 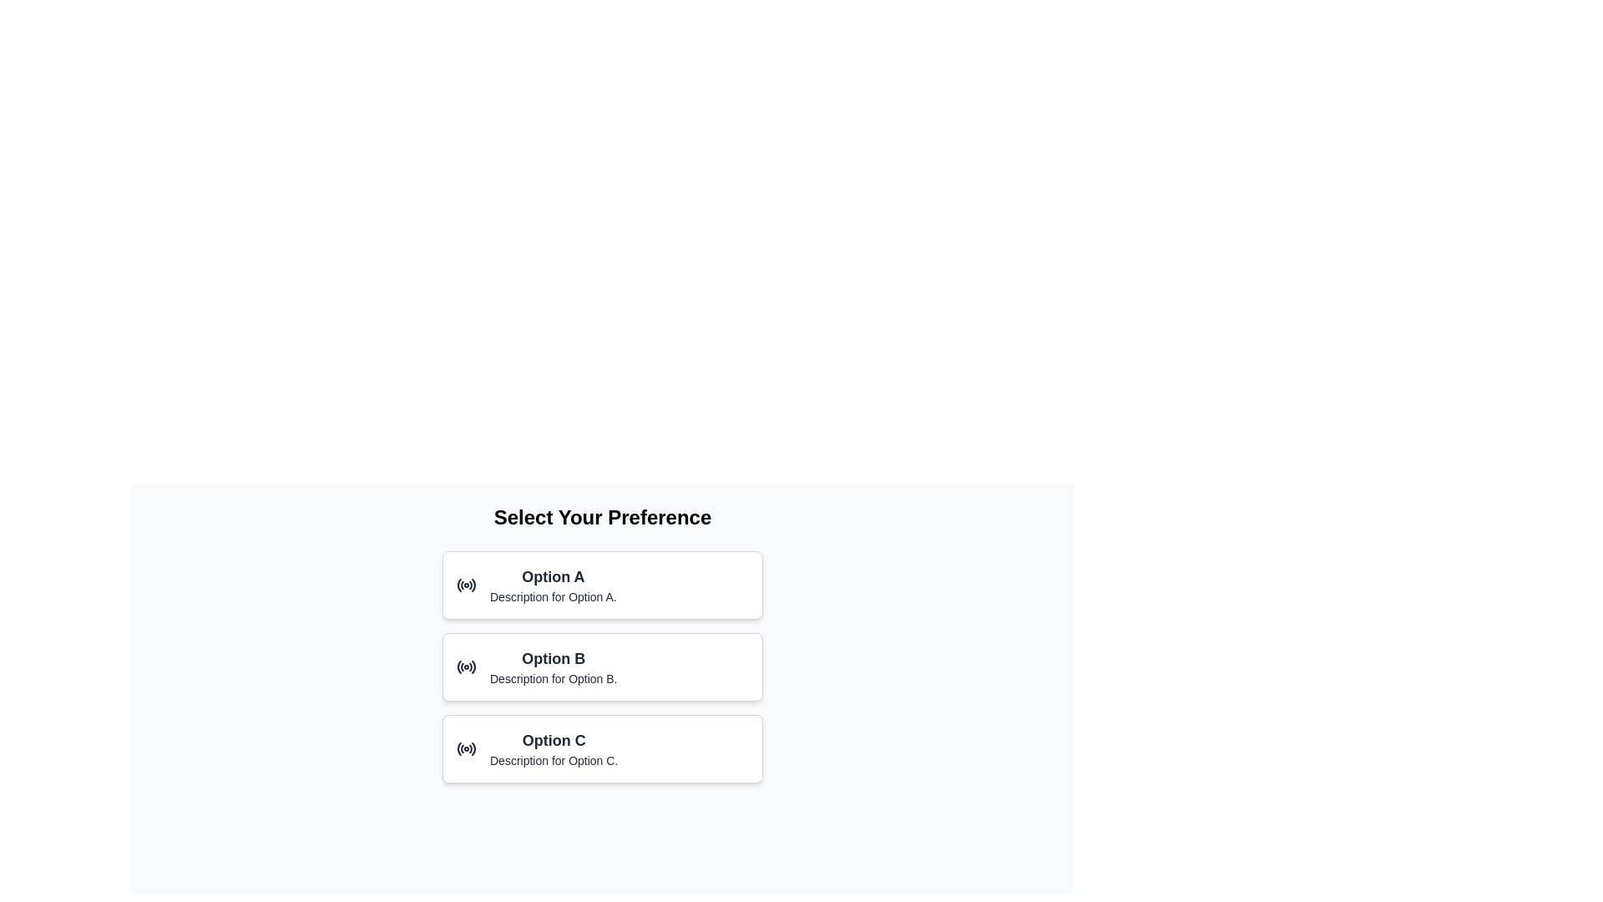 I want to click on the text heading 'Option C', which is prominently displayed in a larger font size and bold style at the top-left of the third option card, so click(x=554, y=740).